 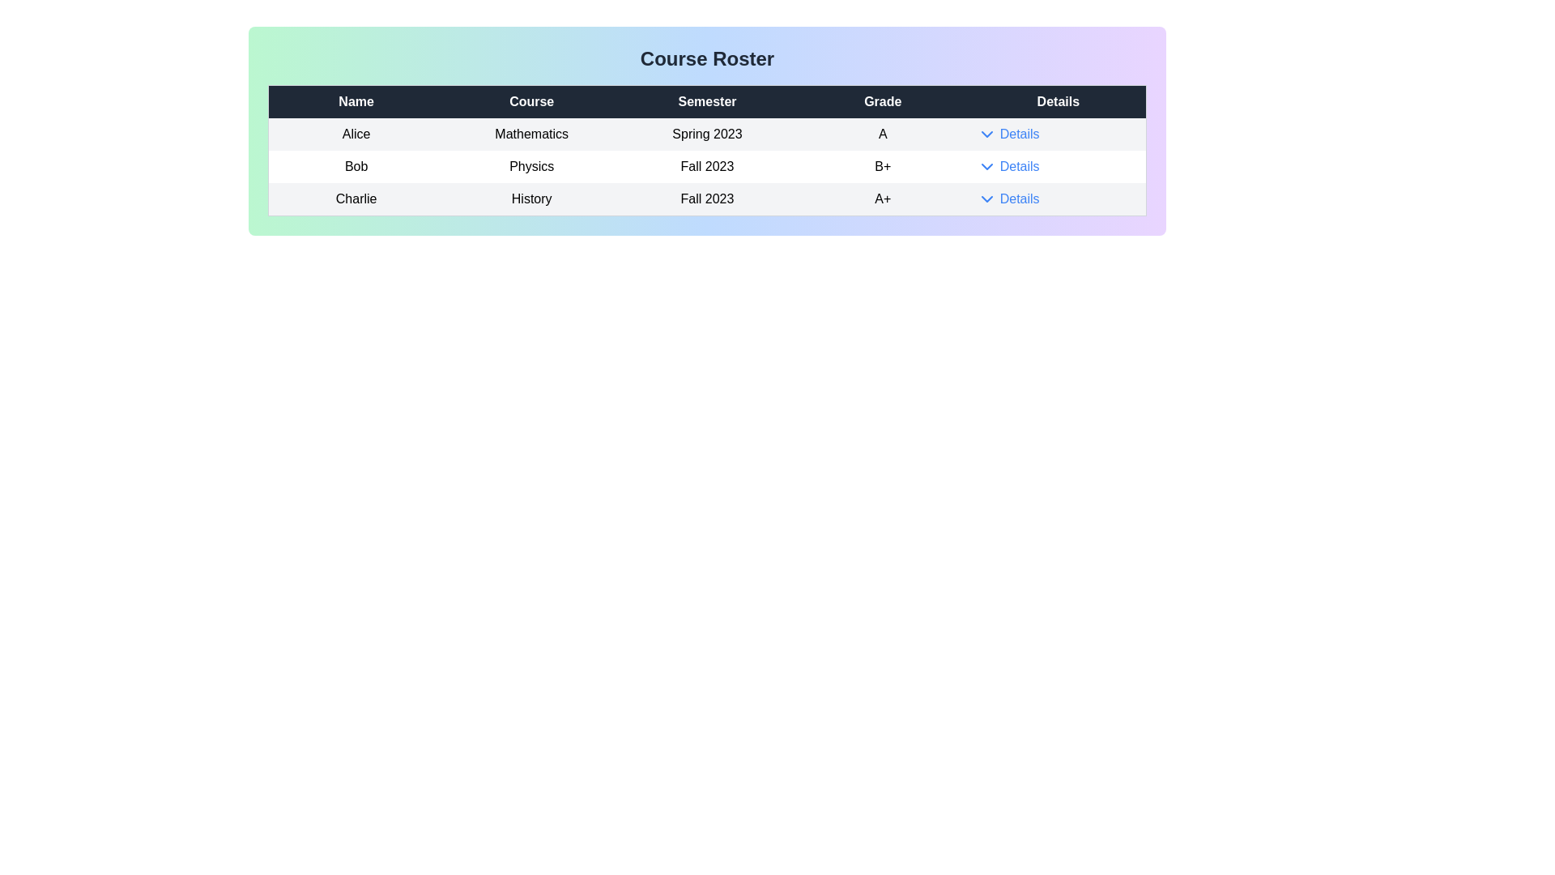 What do you see at coordinates (1059, 133) in the screenshot?
I see `the interactive 'Details' link or button in the first row of the course roster table` at bounding box center [1059, 133].